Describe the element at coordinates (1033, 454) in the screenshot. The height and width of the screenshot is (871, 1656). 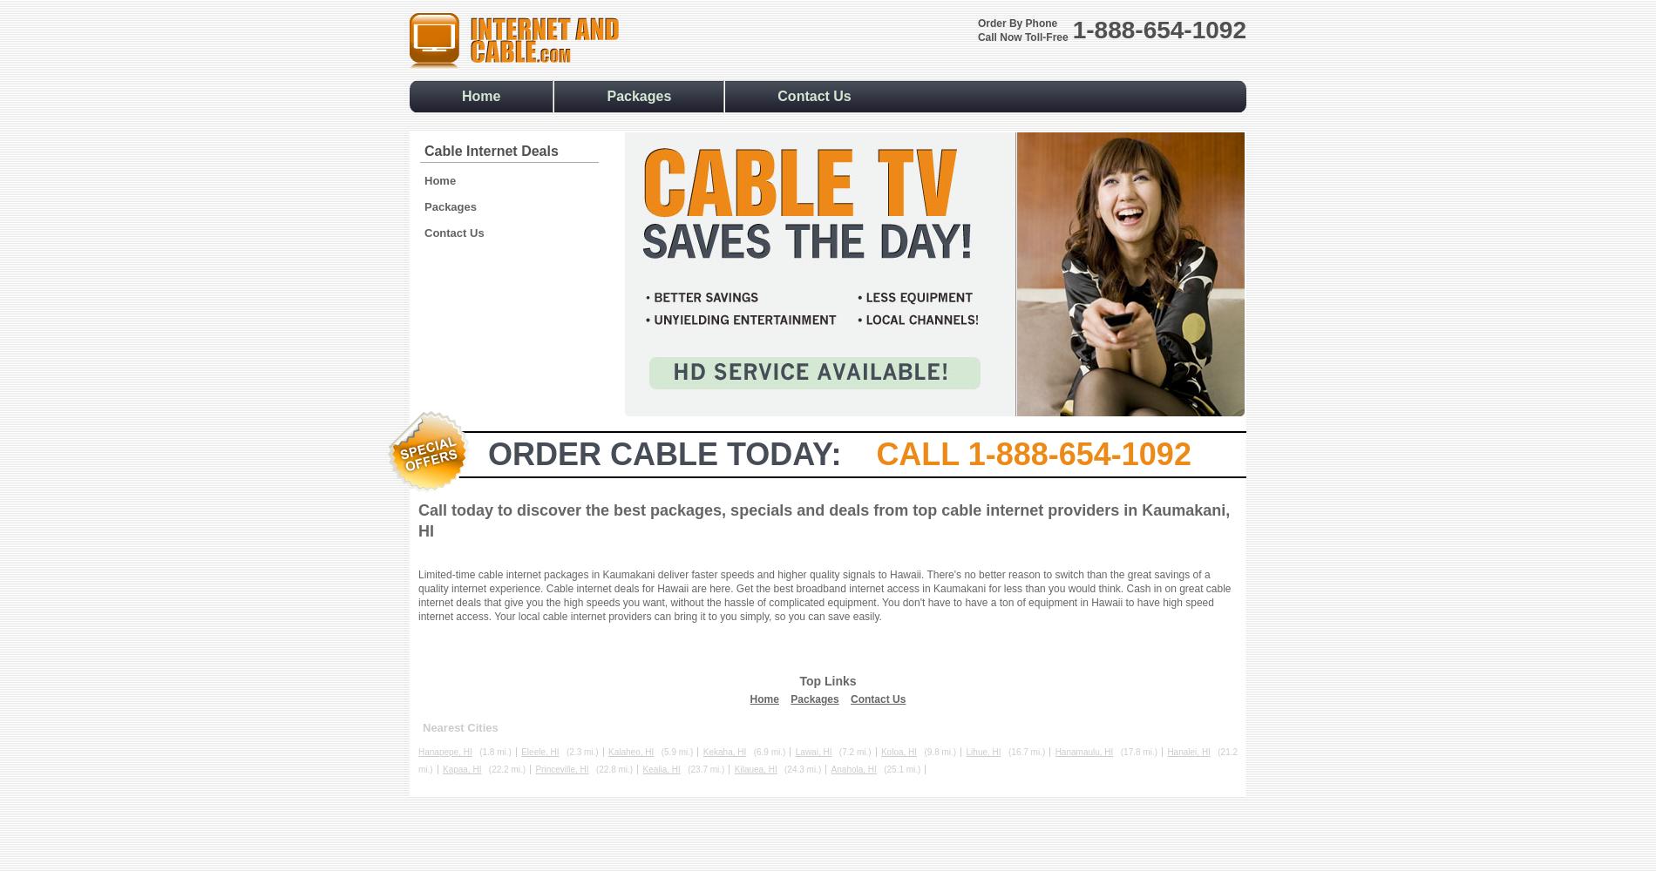
I see `'Call 1-888-654-1092'` at that location.